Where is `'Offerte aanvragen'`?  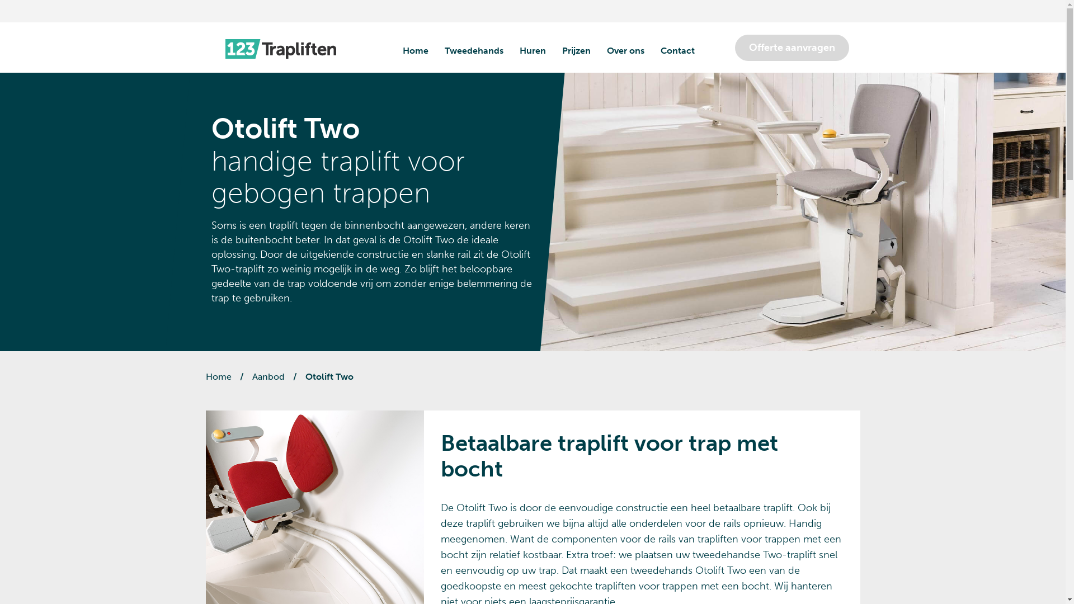
'Offerte aanvragen' is located at coordinates (792, 47).